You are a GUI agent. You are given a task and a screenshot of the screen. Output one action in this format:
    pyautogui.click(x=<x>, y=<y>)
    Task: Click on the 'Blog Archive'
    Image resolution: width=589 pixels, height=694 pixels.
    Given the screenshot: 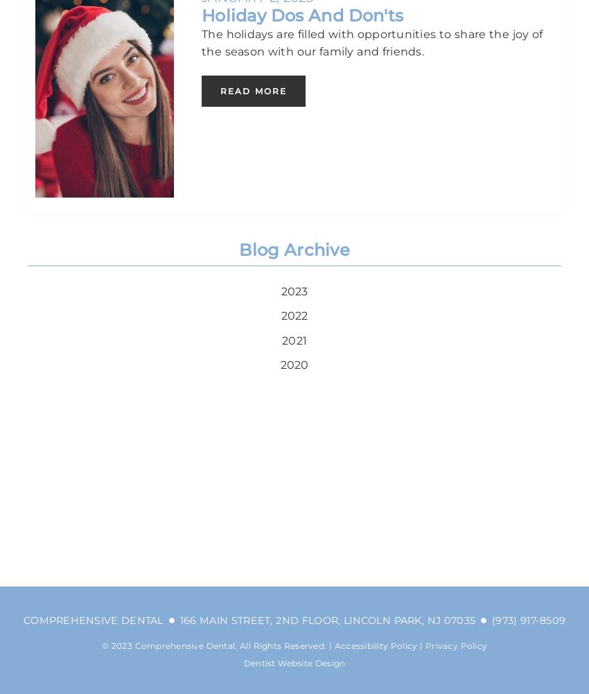 What is the action you would take?
    pyautogui.click(x=294, y=248)
    